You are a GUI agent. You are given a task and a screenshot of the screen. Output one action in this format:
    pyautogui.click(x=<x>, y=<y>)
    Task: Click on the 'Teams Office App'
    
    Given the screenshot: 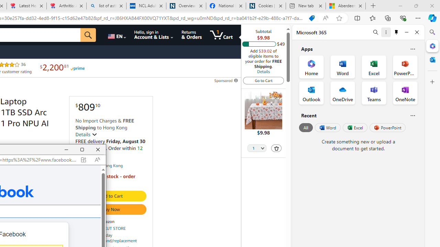 What is the action you would take?
    pyautogui.click(x=374, y=93)
    